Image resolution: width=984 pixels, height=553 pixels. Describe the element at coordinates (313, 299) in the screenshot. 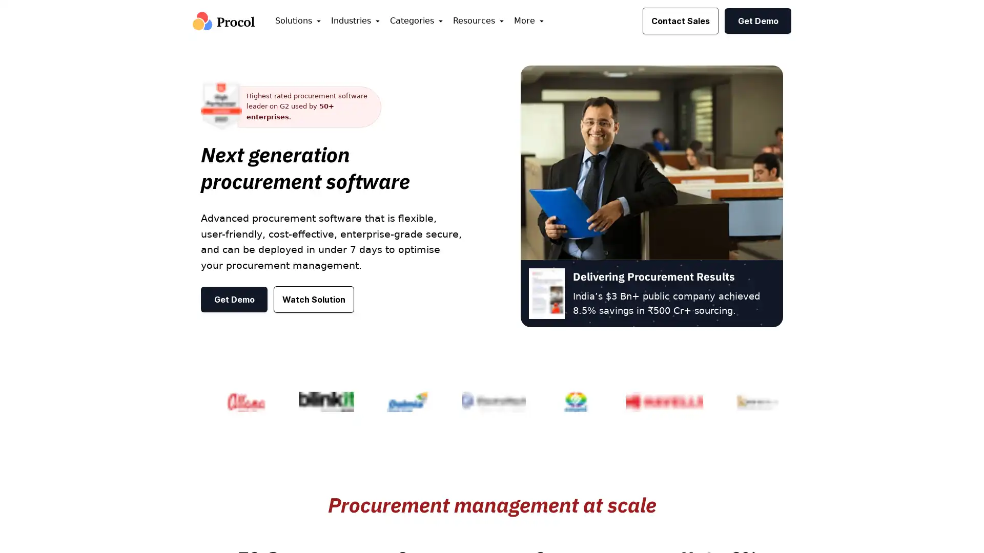

I see `Watch Solution` at that location.